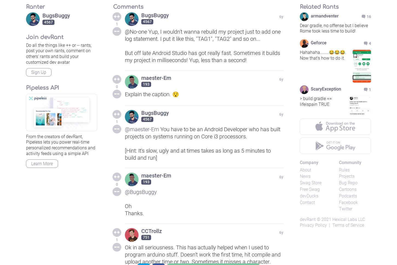  What do you see at coordinates (324, 219) in the screenshot?
I see `'© 2021'` at bounding box center [324, 219].